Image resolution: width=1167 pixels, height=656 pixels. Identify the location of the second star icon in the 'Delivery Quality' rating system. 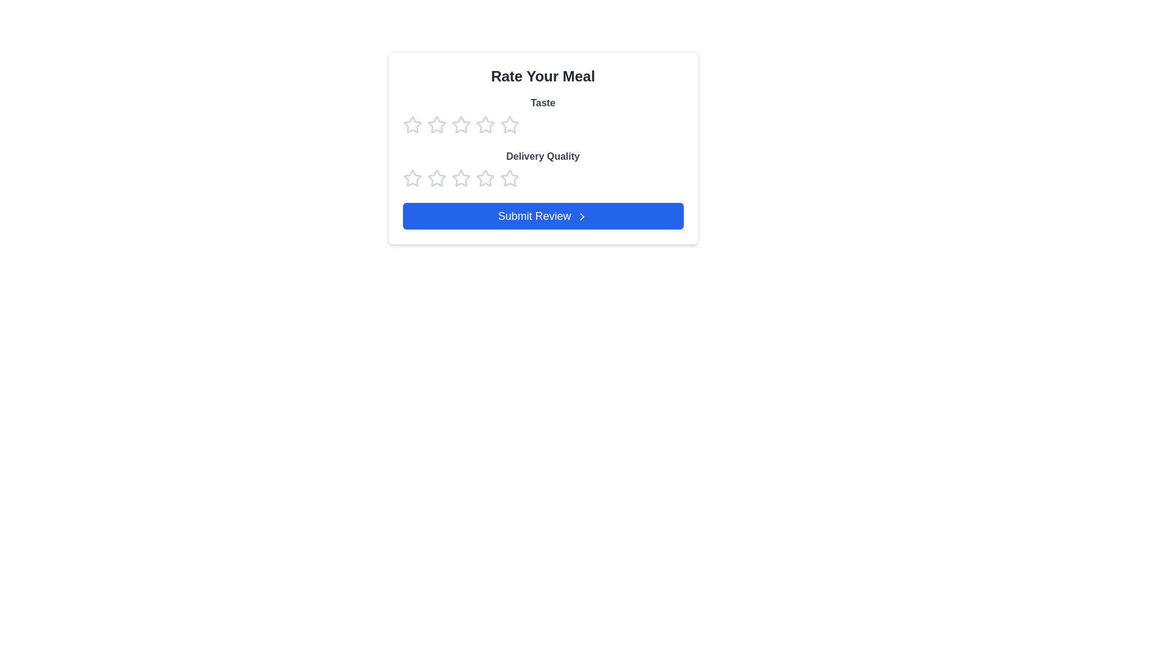
(436, 178).